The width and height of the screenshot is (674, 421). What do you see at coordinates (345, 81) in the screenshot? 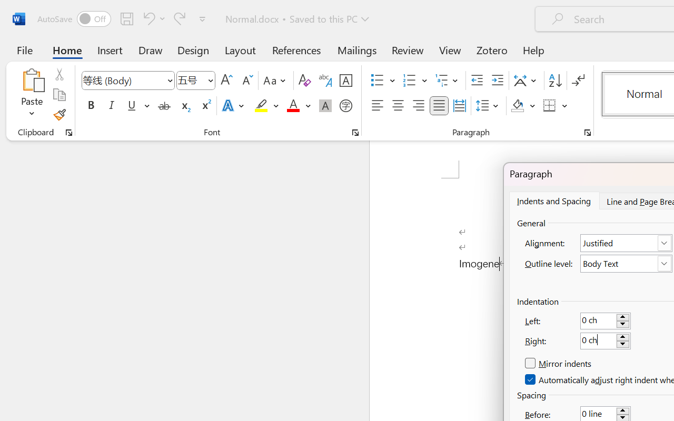
I see `'Character Border'` at bounding box center [345, 81].